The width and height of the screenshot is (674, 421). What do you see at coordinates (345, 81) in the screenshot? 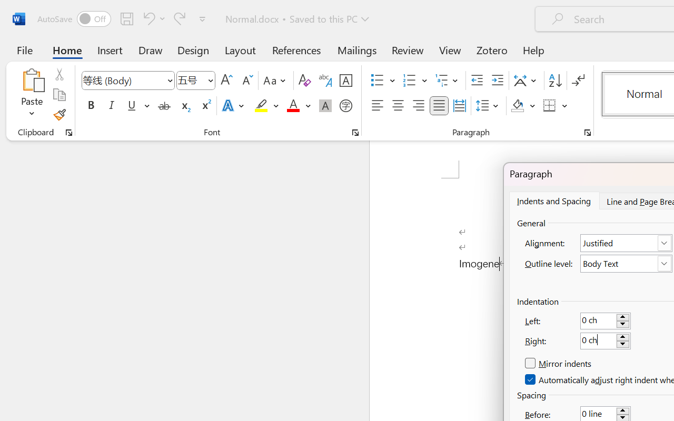
I see `'Character Border'` at bounding box center [345, 81].